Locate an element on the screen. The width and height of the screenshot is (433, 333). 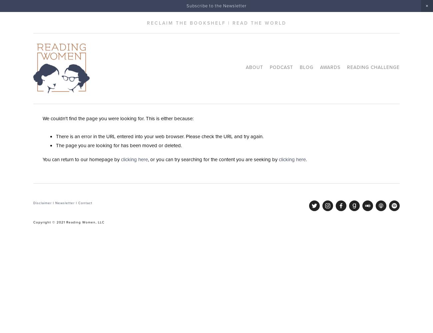
'Disclaimer' is located at coordinates (42, 202).